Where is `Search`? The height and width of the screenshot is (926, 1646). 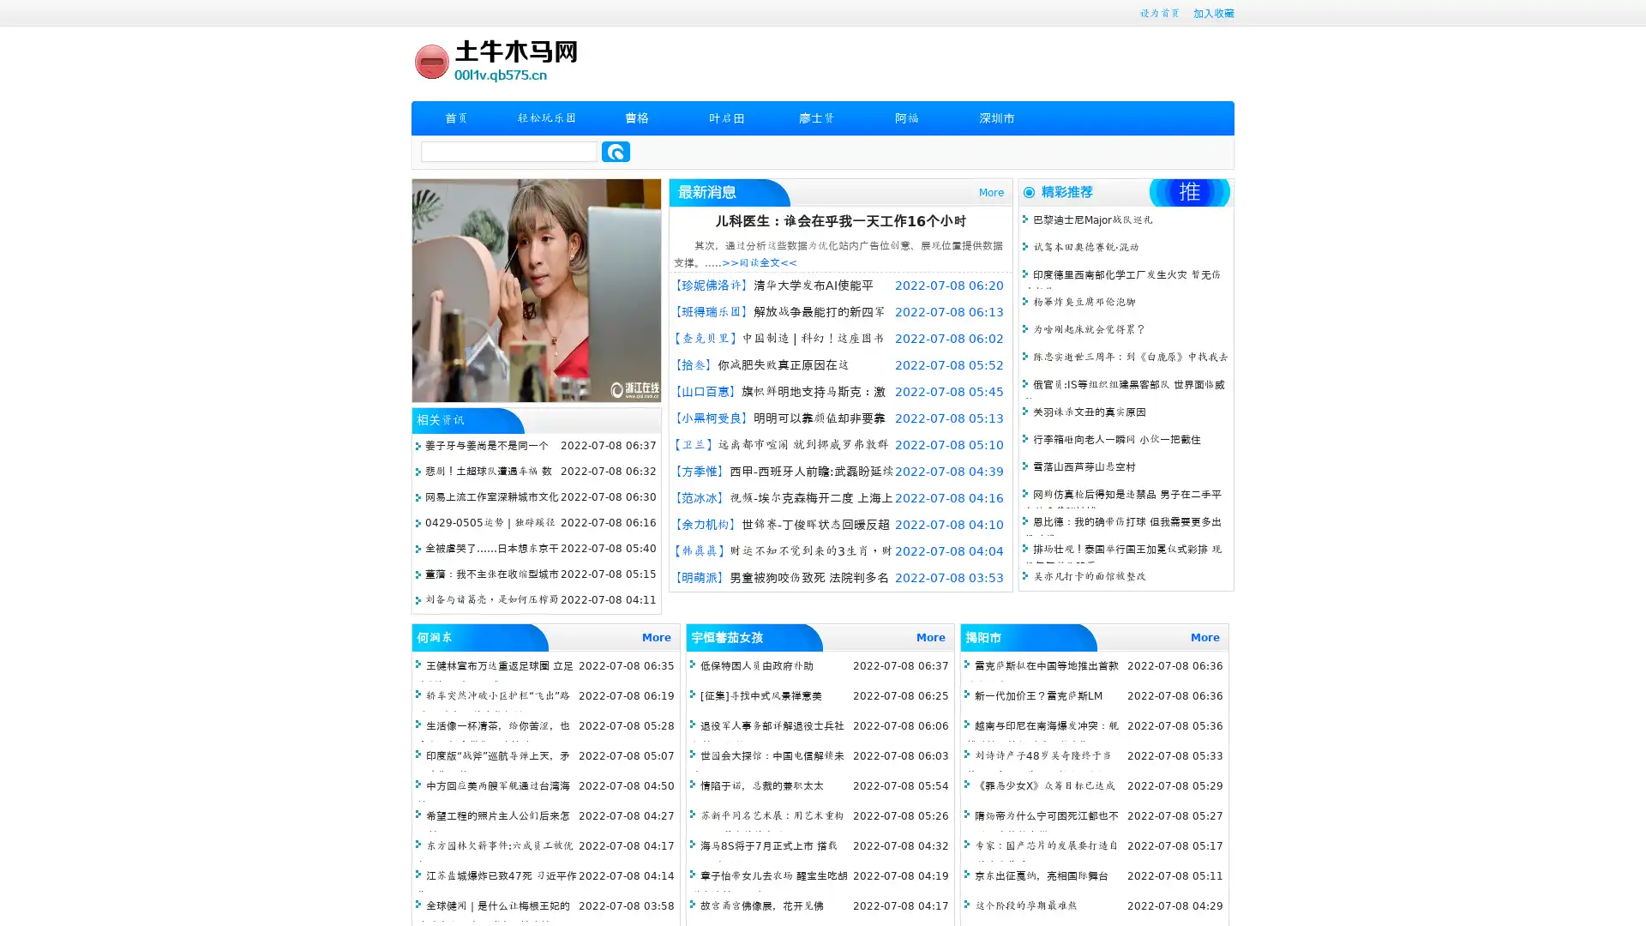 Search is located at coordinates (616, 151).